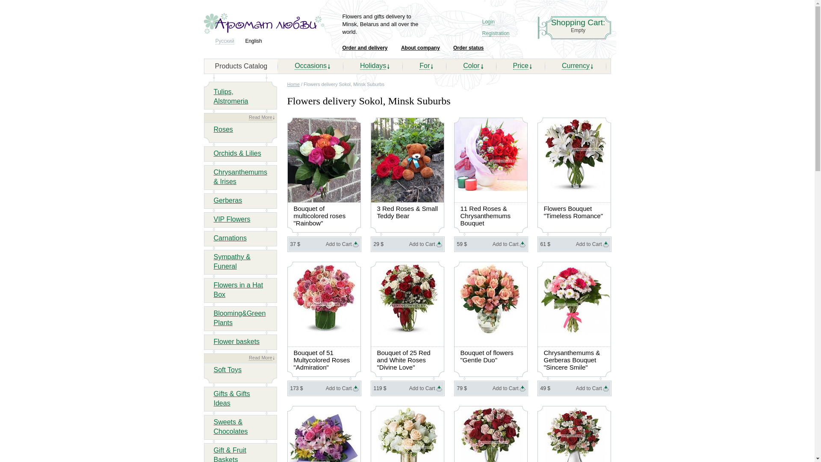 The image size is (821, 462). What do you see at coordinates (324, 388) in the screenshot?
I see `'Add to Cart` at bounding box center [324, 388].